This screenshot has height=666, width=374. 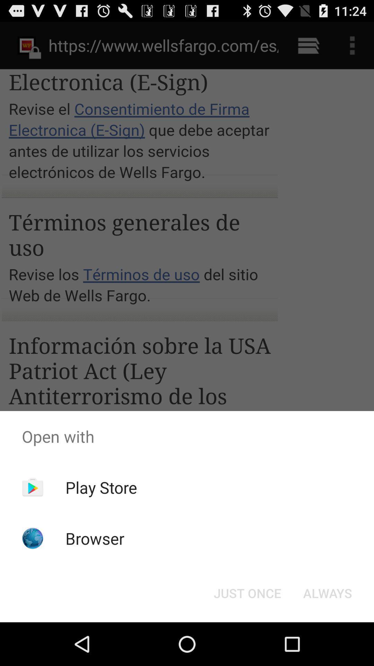 What do you see at coordinates (327, 592) in the screenshot?
I see `item below the open with icon` at bounding box center [327, 592].